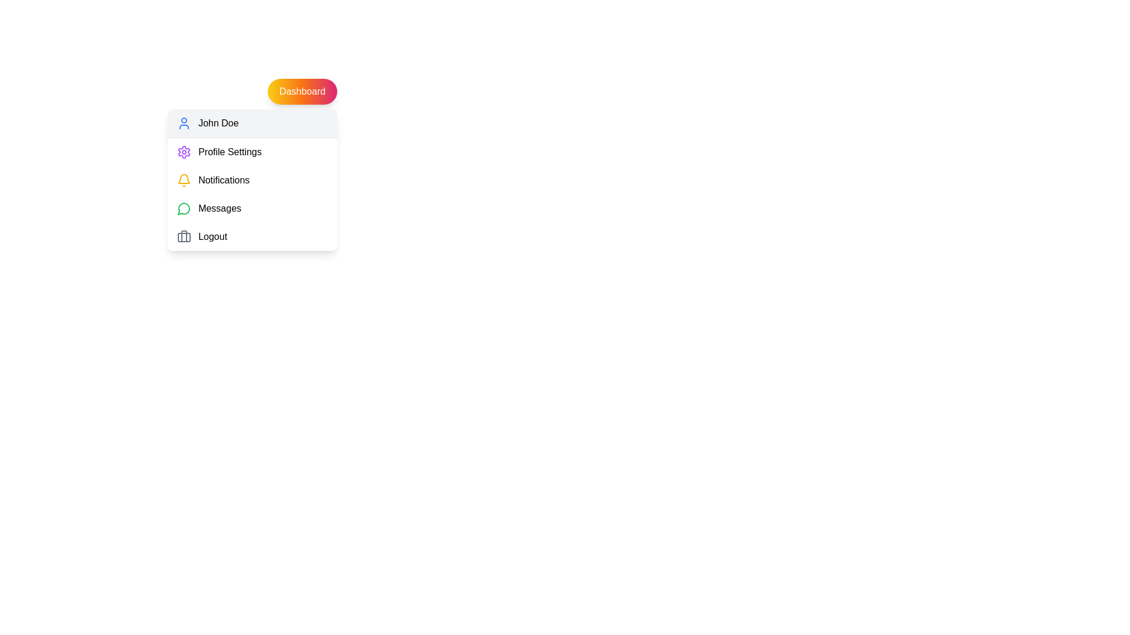 This screenshot has height=635, width=1130. Describe the element at coordinates (251, 151) in the screenshot. I see `the 'Profile Settings' button` at that location.